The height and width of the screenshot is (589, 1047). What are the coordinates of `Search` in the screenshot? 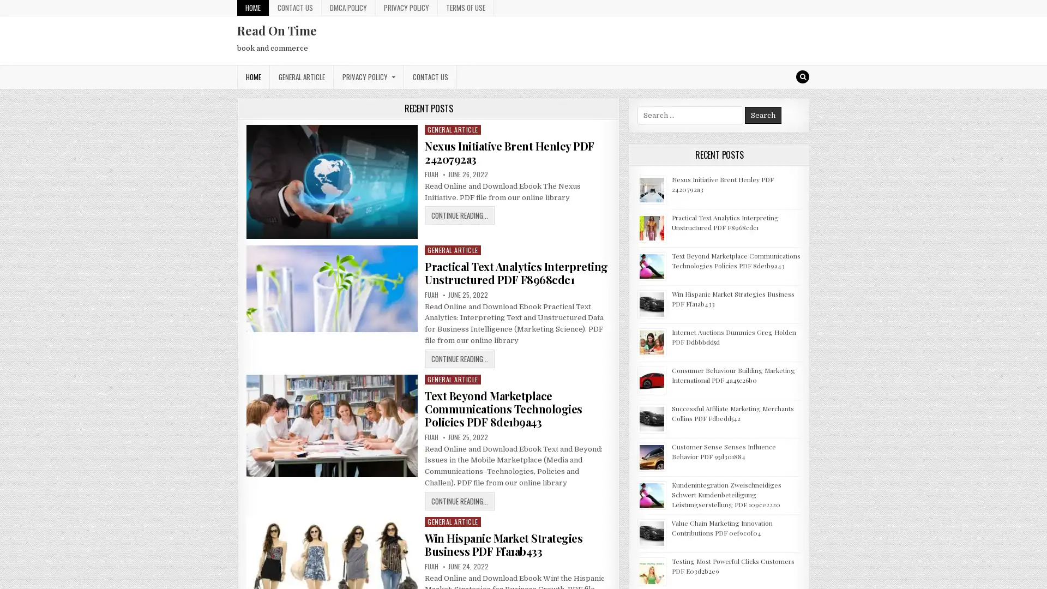 It's located at (762, 115).